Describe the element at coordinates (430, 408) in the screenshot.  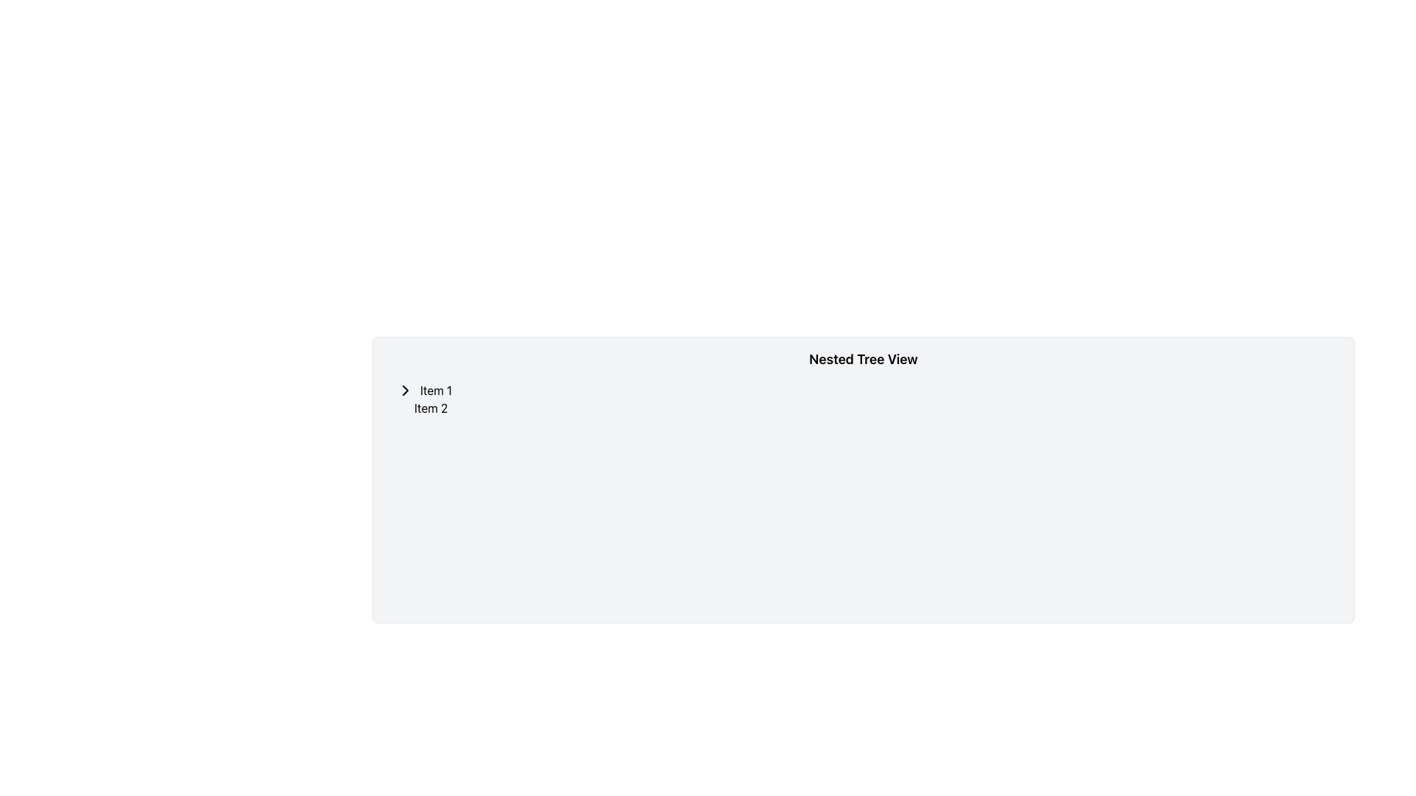
I see `the non-interactive text label located beneath 'Item 1' in the hierarchical tree view` at that location.